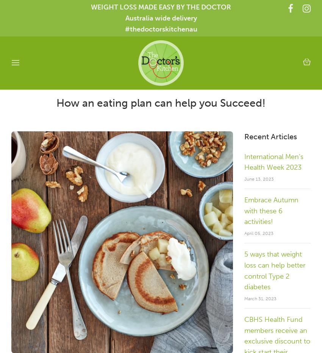 The image size is (322, 353). I want to click on 'March 31, 2023', so click(244, 298).